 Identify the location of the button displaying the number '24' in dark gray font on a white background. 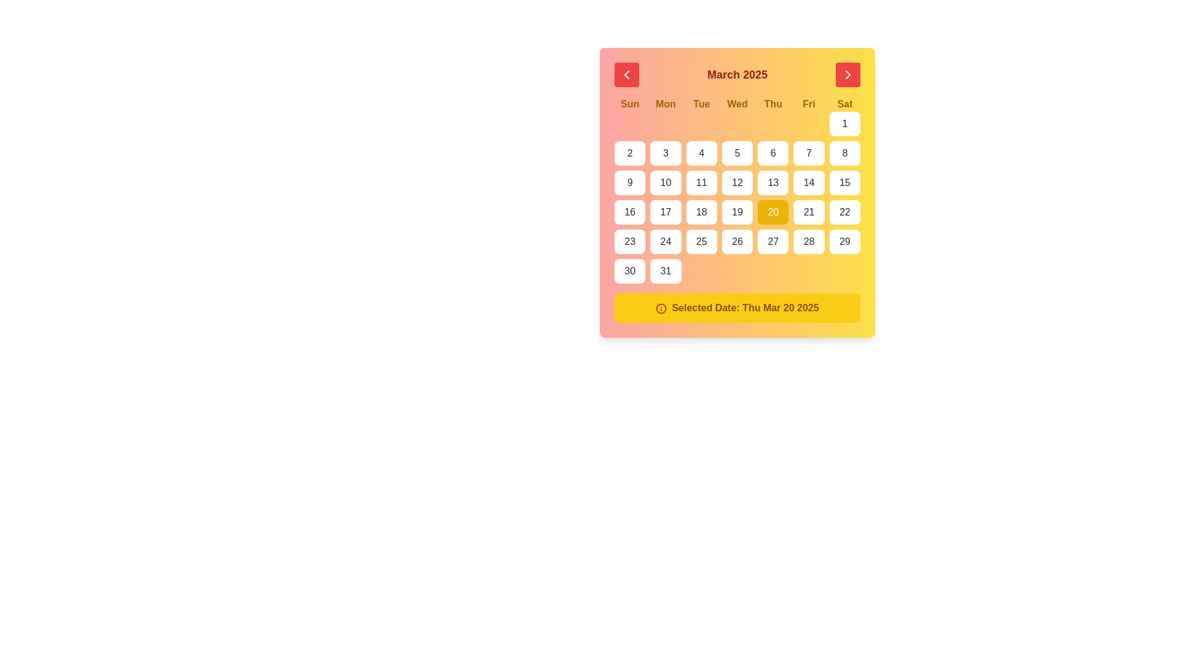
(665, 241).